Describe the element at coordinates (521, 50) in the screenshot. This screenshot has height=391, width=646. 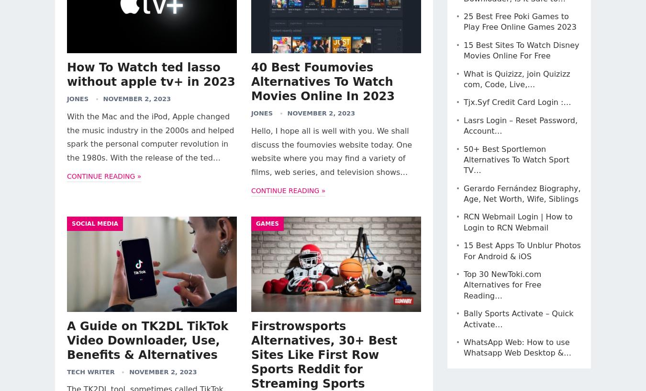
I see `'15 Best Sites To Watch Disney Movies Online For Free'` at that location.